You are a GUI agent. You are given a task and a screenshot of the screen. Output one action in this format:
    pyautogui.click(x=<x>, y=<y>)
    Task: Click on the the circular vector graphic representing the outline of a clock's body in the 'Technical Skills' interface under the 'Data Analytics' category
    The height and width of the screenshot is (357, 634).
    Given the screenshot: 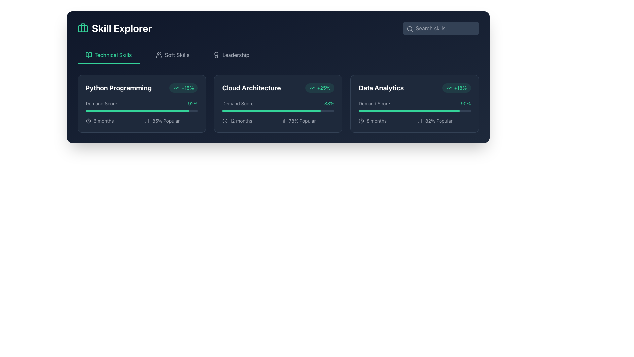 What is the action you would take?
    pyautogui.click(x=361, y=121)
    